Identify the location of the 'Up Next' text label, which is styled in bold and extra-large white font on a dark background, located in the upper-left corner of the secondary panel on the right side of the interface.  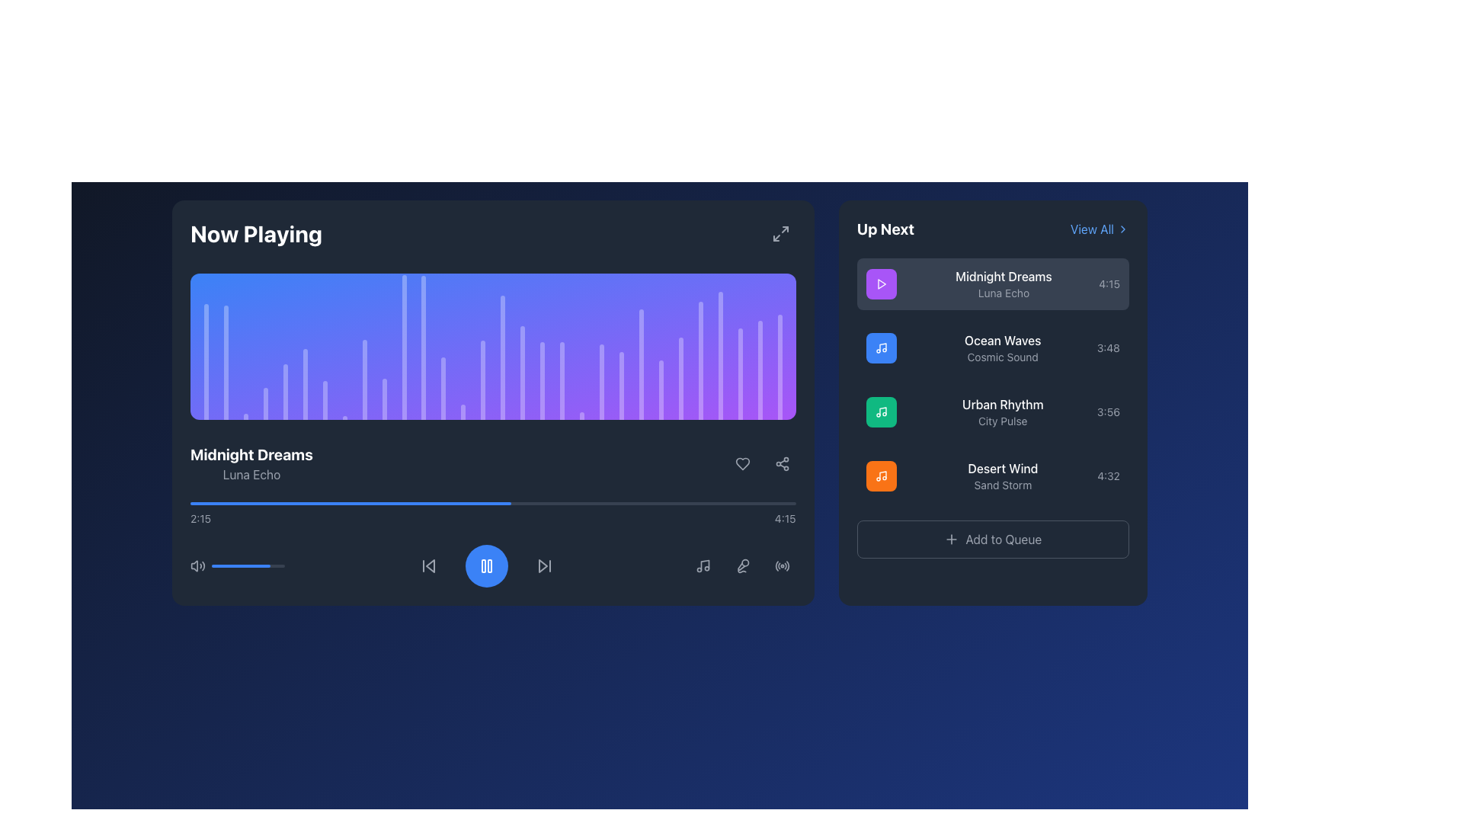
(885, 229).